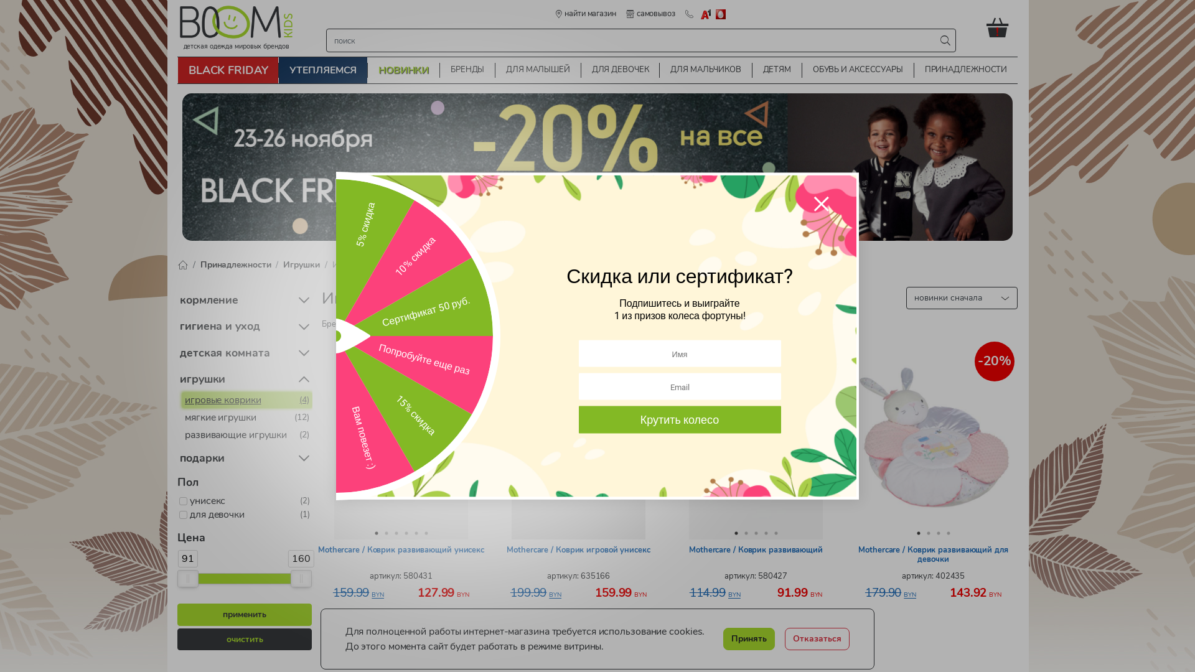  What do you see at coordinates (775, 532) in the screenshot?
I see `'5'` at bounding box center [775, 532].